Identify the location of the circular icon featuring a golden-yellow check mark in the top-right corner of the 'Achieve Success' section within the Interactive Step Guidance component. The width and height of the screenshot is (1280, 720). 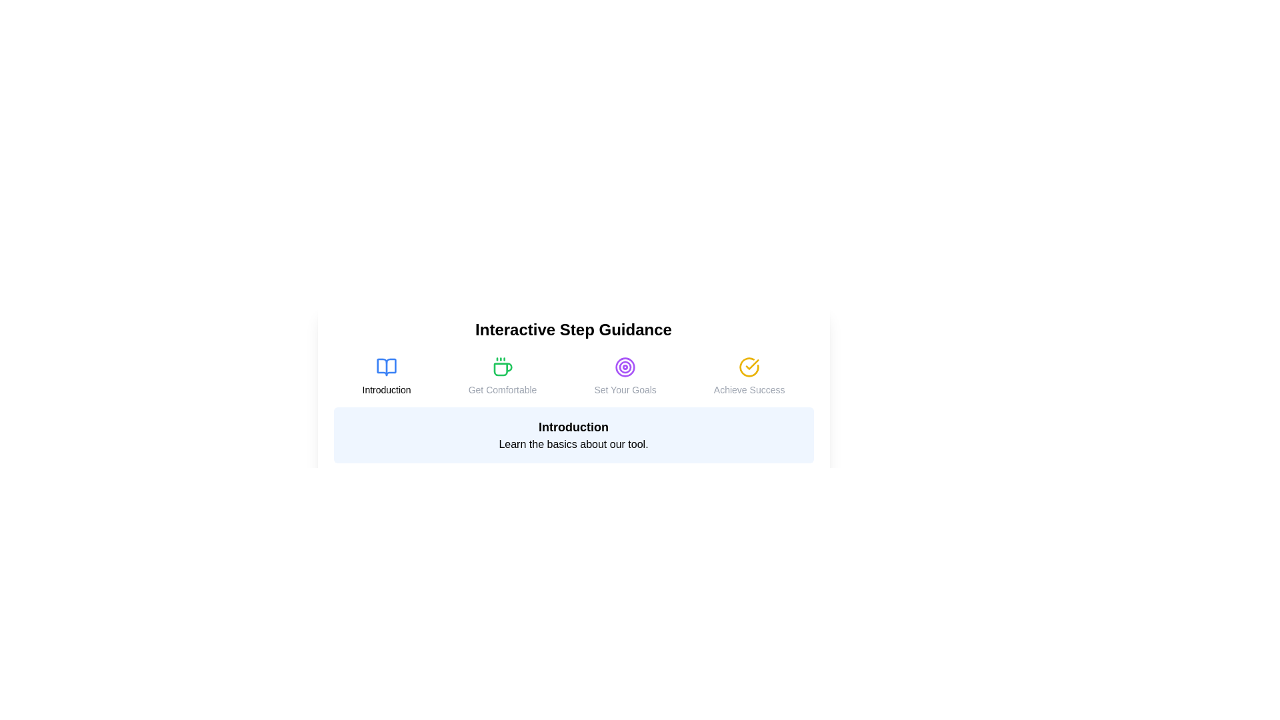
(749, 367).